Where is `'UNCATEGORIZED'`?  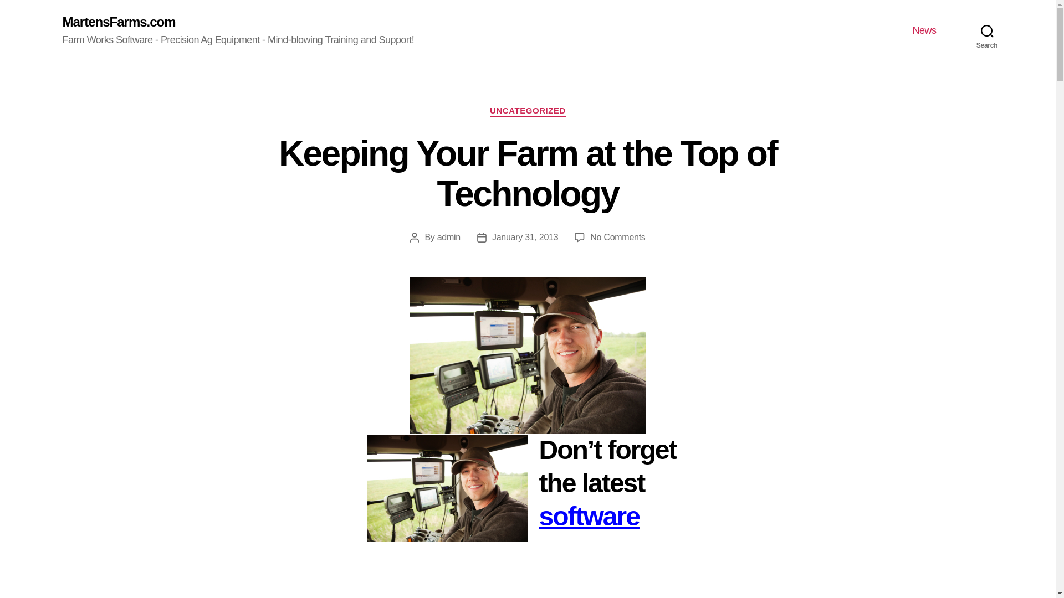 'UNCATEGORIZED' is located at coordinates (527, 111).